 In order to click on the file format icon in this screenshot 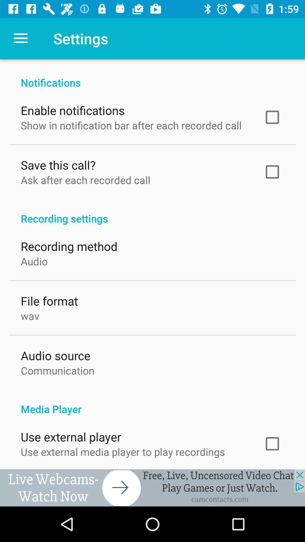, I will do `click(49, 299)`.